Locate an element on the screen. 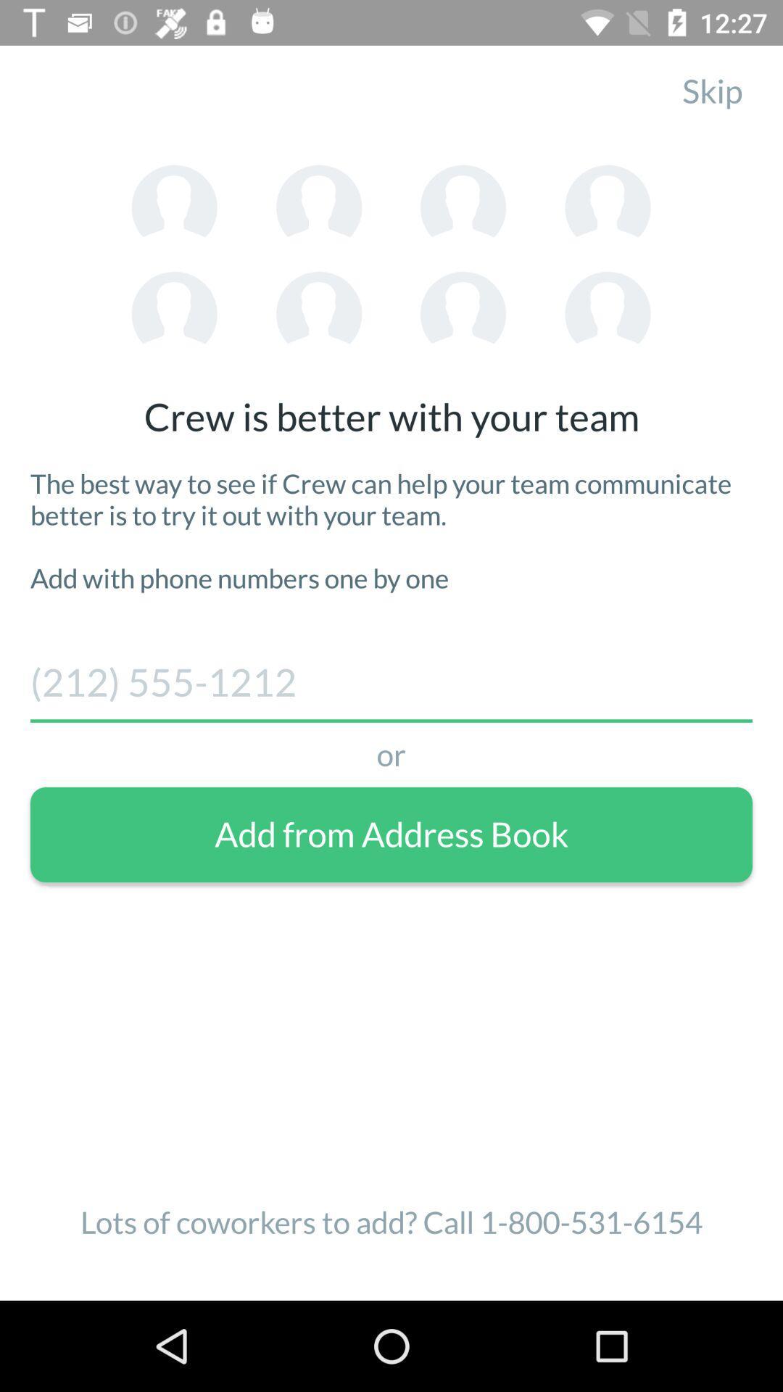 The image size is (783, 1392). skip is located at coordinates (727, 90).